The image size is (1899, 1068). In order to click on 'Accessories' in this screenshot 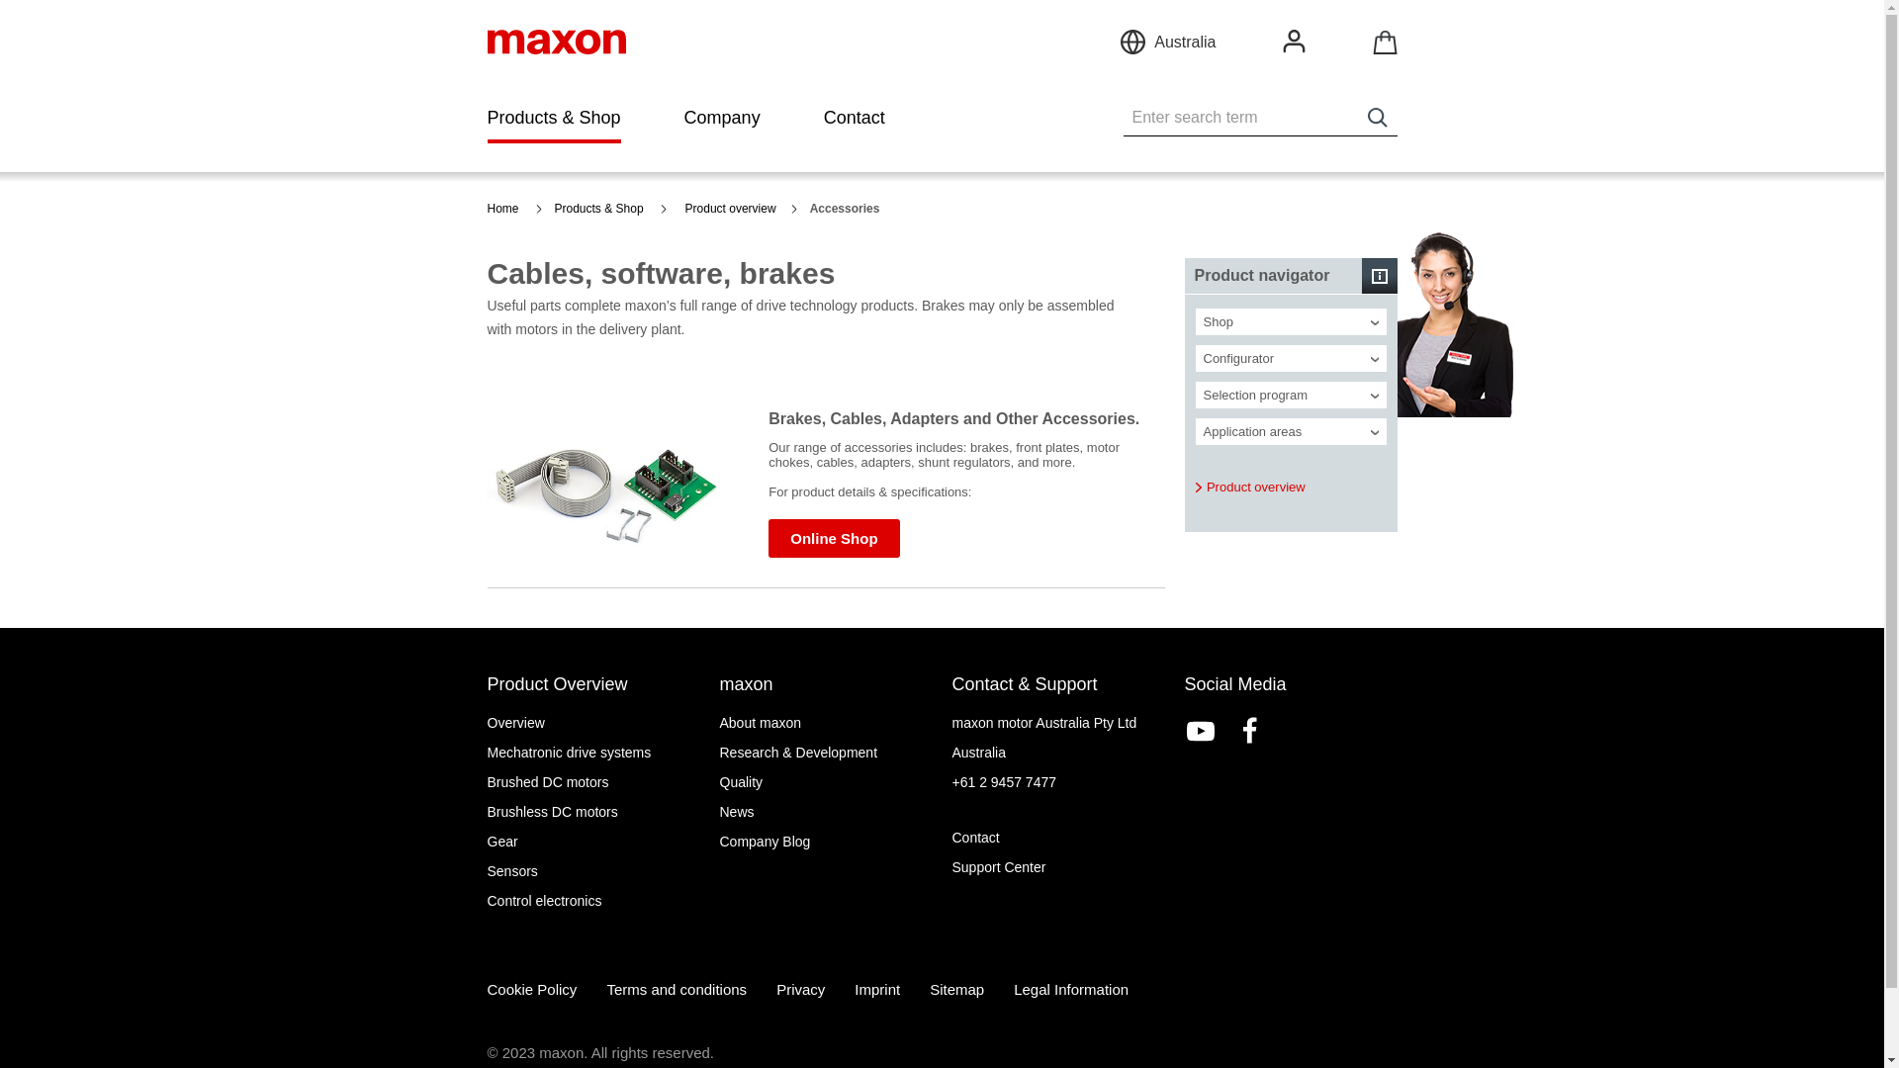, I will do `click(851, 209)`.